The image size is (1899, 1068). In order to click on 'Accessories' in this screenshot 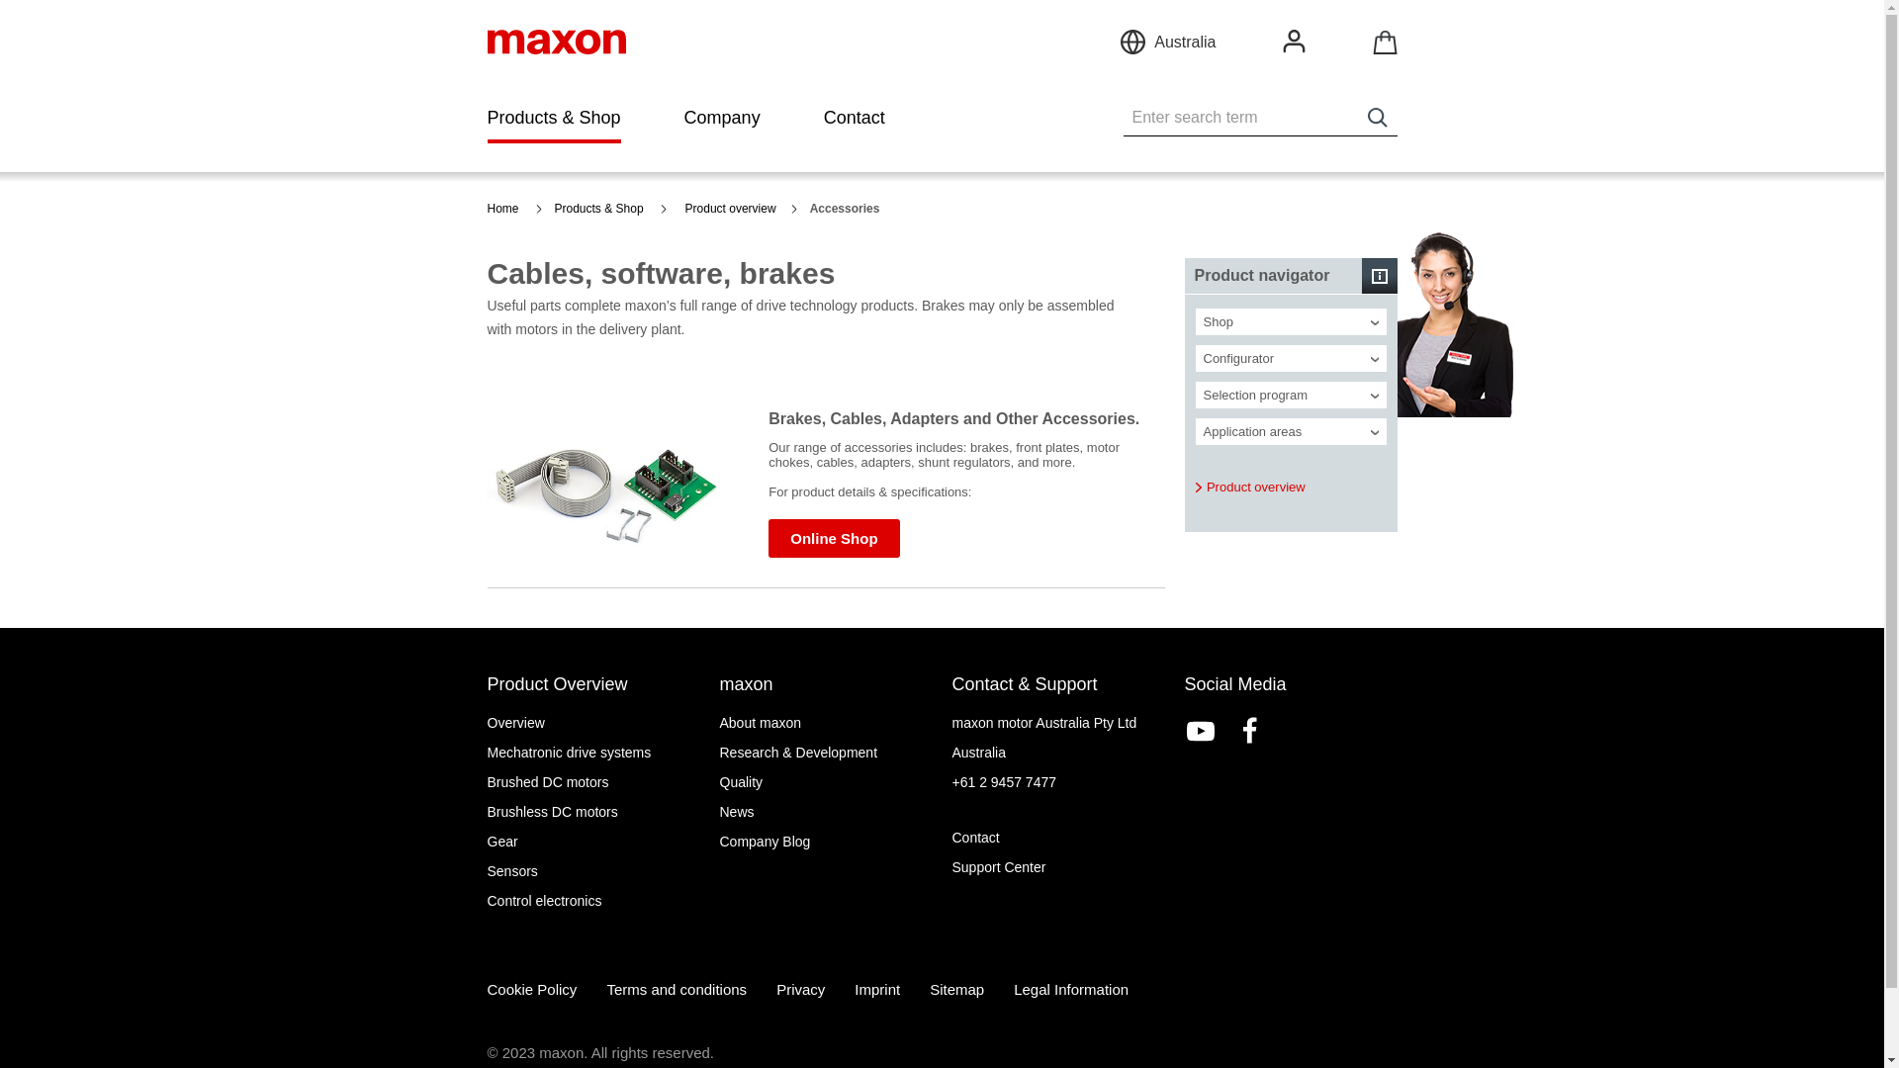, I will do `click(851, 209)`.